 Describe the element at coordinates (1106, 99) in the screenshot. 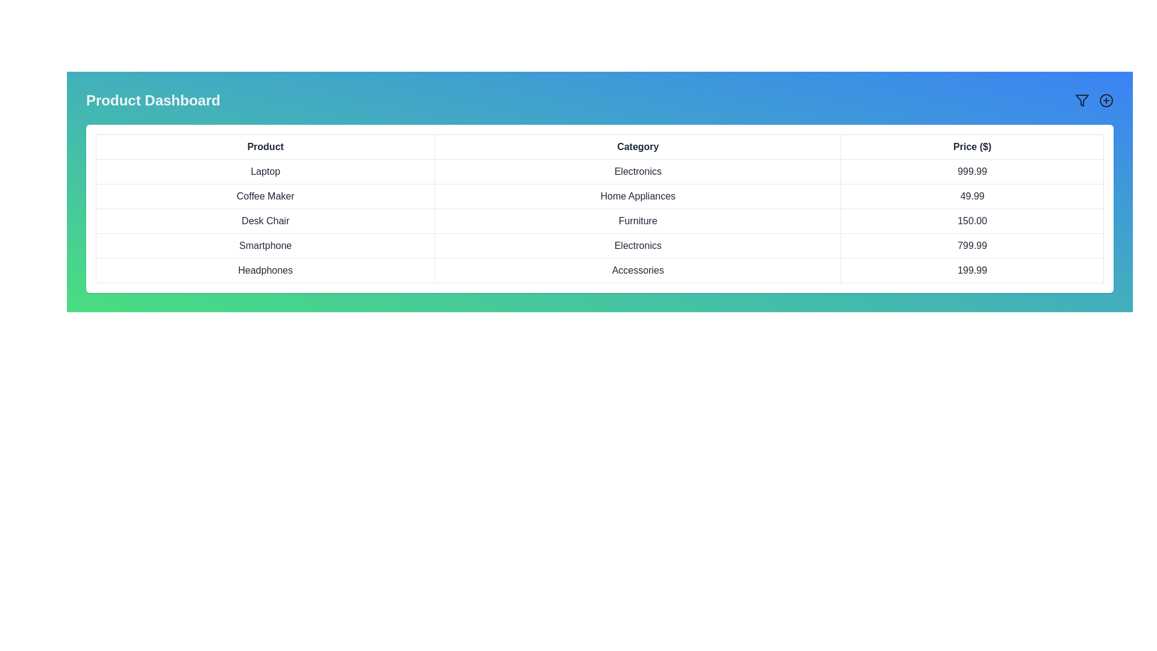

I see `the add item button, which is the third icon from the left in the top-right corner of the interface` at that location.